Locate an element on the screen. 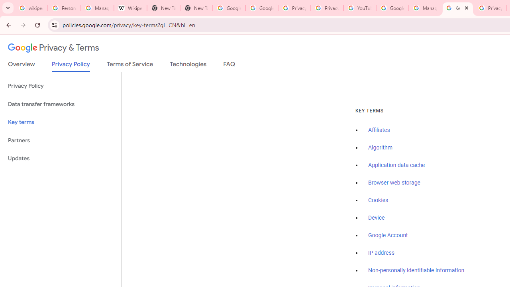 This screenshot has width=510, height=287. 'Wikipedia:Edit requests - Wikipedia' is located at coordinates (130, 8).